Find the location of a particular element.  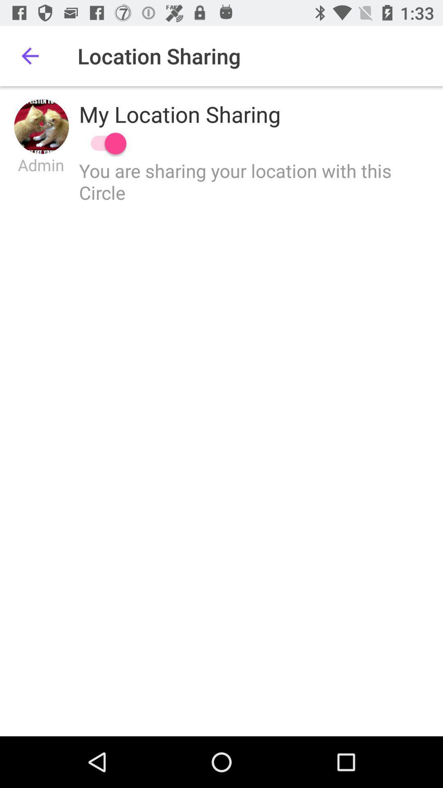

item next to location sharing item is located at coordinates (30, 55).